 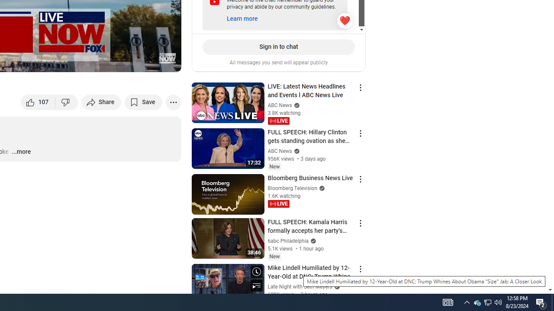 I want to click on 'Theater mode (t)', so click(x=145, y=61).